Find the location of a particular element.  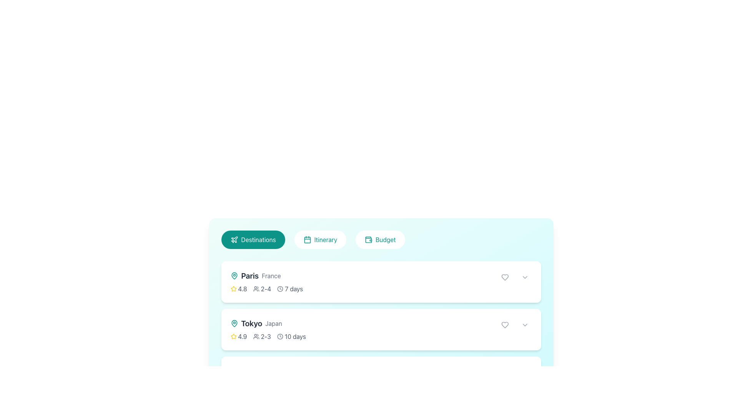

the label displaying 'Tokyo' and 'Japan' is located at coordinates (268, 323).